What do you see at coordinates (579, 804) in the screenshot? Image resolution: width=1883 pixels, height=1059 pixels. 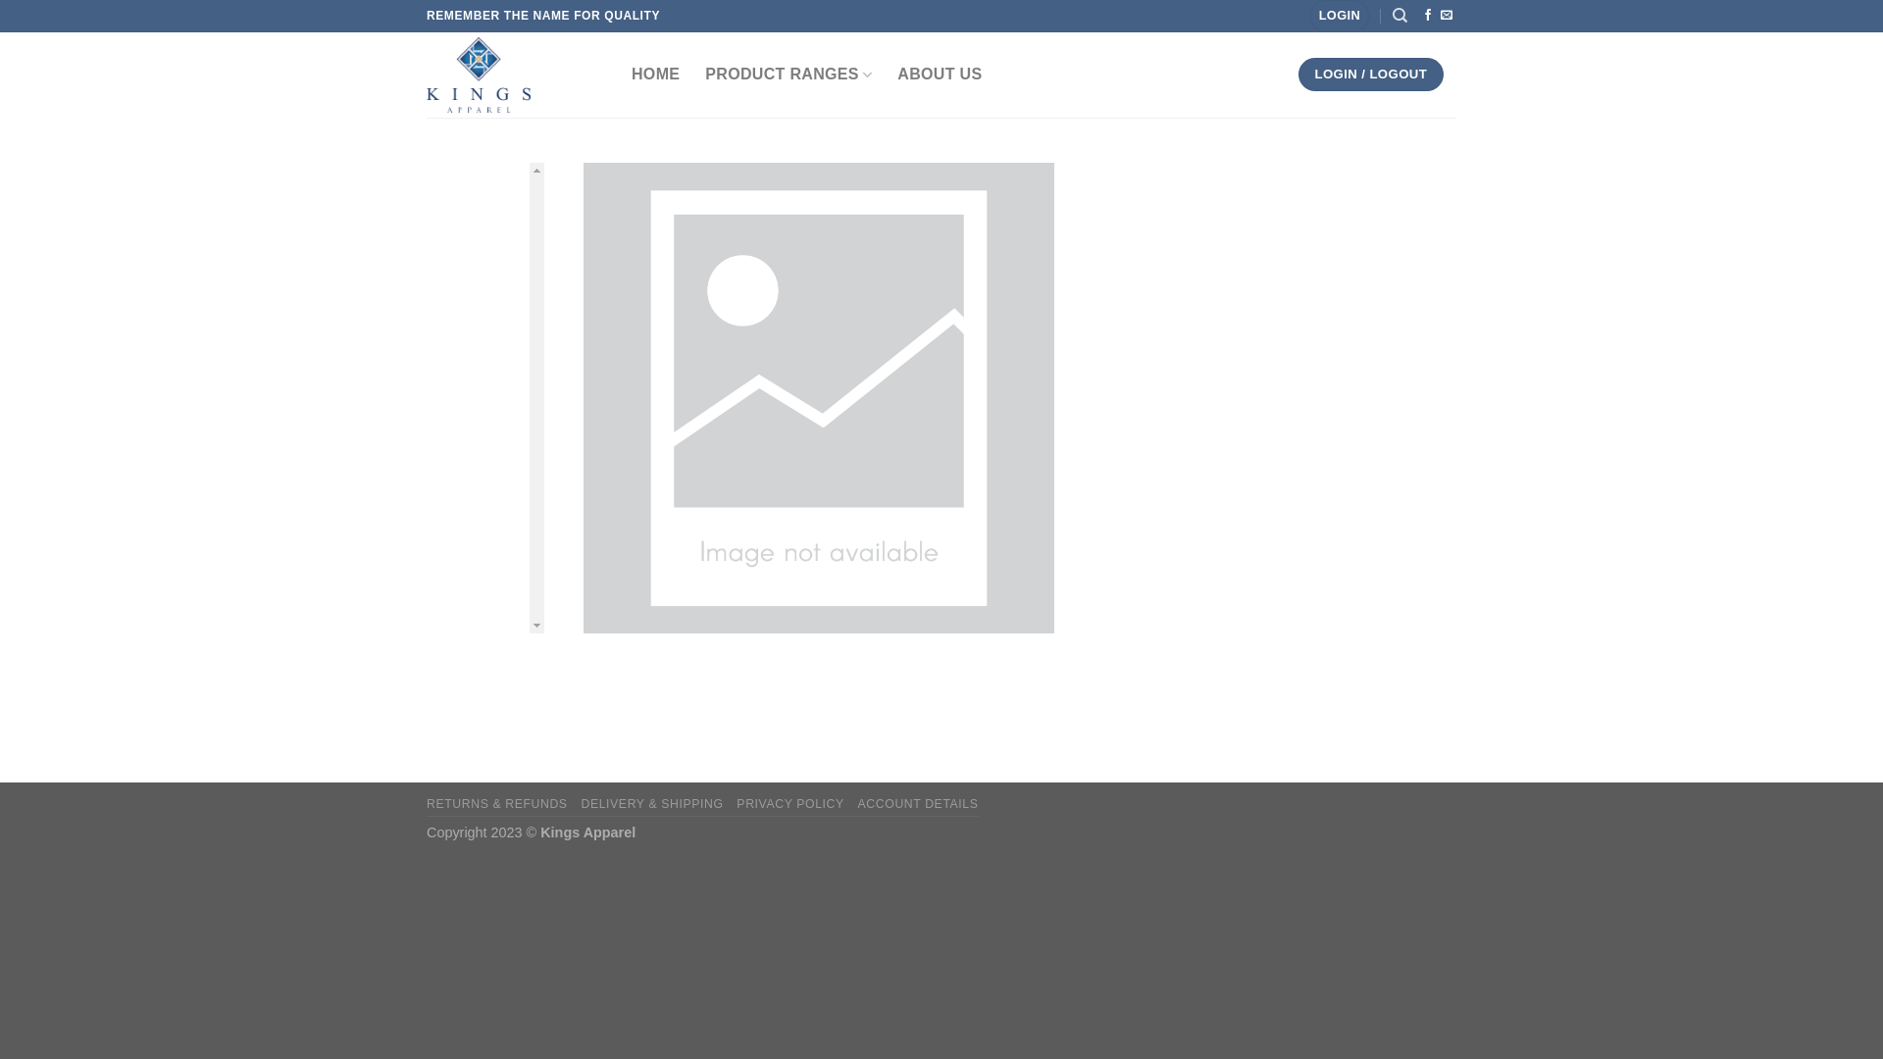 I see `'DELIVERY & SHIPPING'` at bounding box center [579, 804].